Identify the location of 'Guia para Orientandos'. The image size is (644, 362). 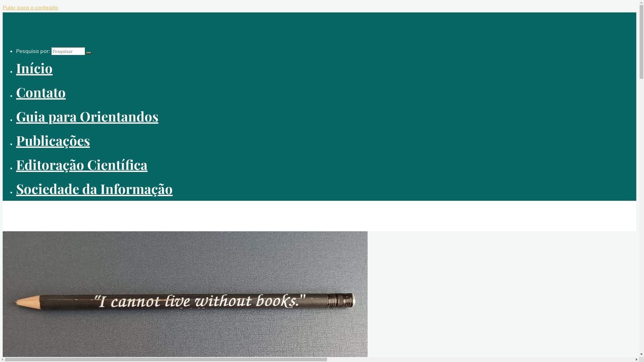
(44, 349).